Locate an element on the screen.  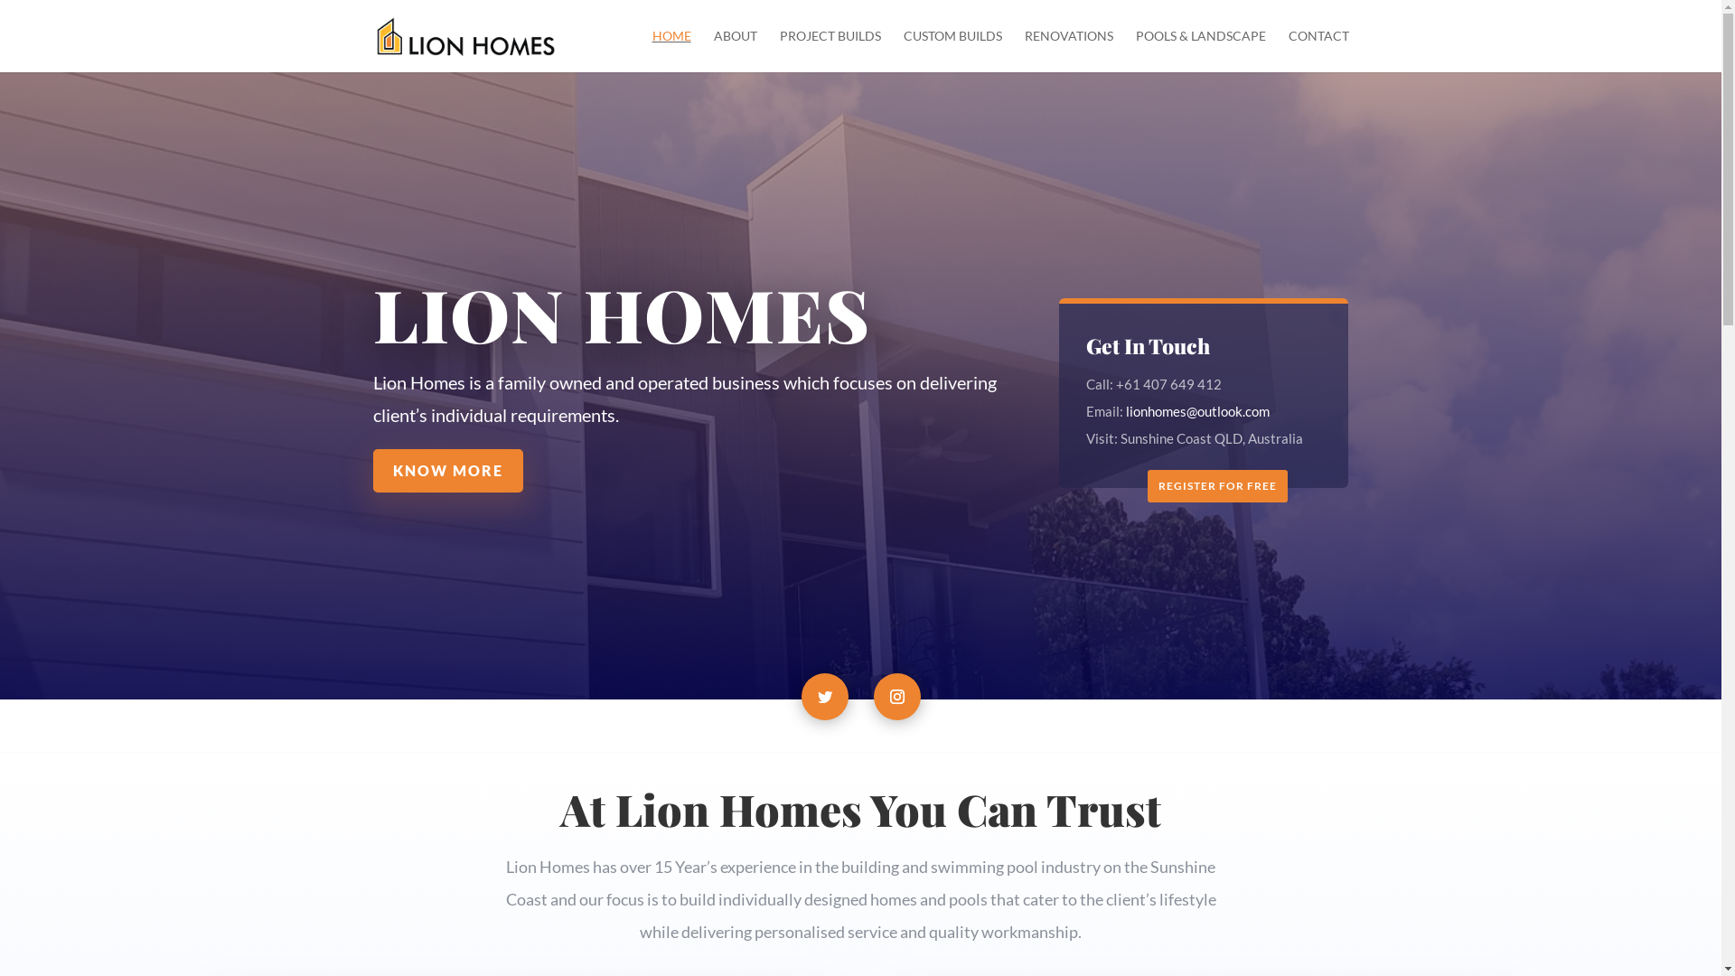
'CONTACT' is located at coordinates (1287, 50).